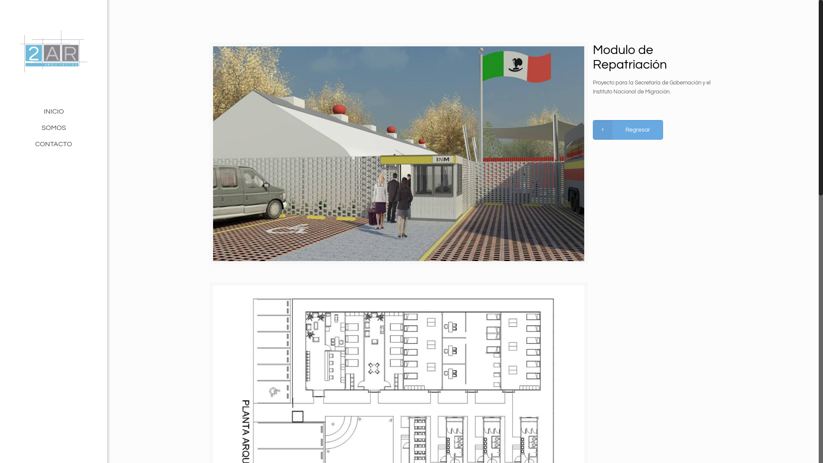 This screenshot has height=463, width=823. Describe the element at coordinates (0, 111) in the screenshot. I see `'INICIO'` at that location.